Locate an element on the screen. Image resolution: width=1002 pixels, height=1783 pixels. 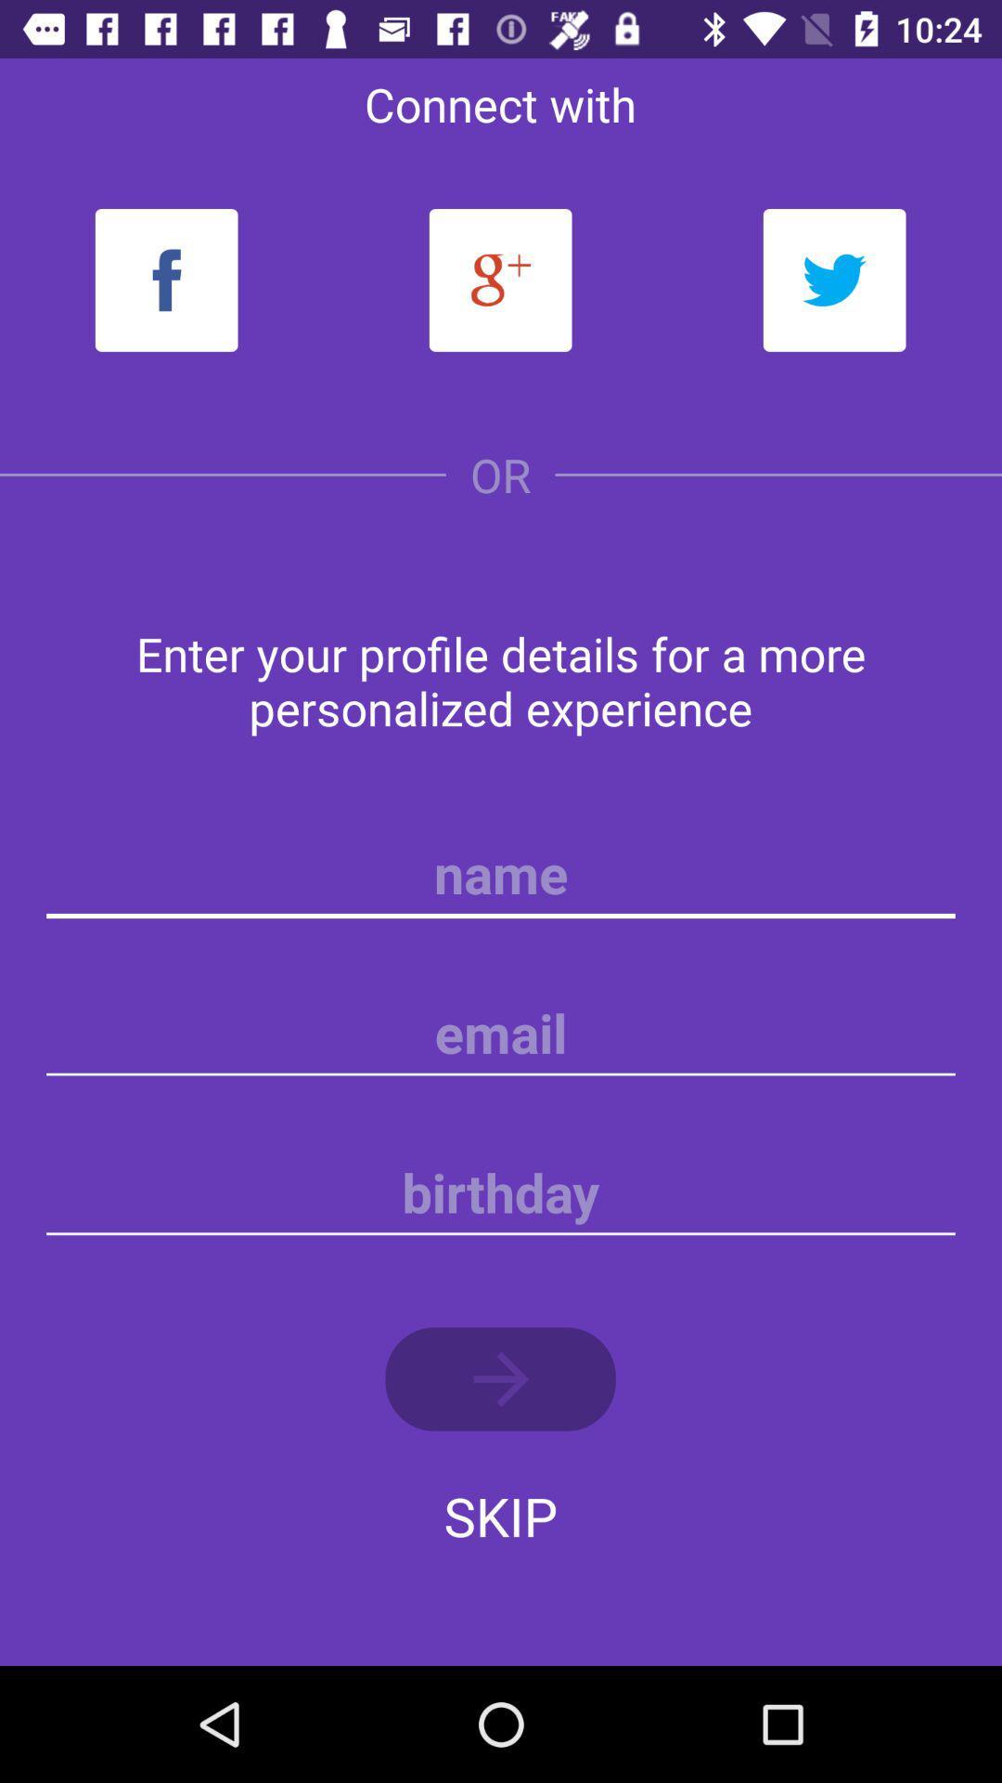
birthday is located at coordinates (501, 1192).